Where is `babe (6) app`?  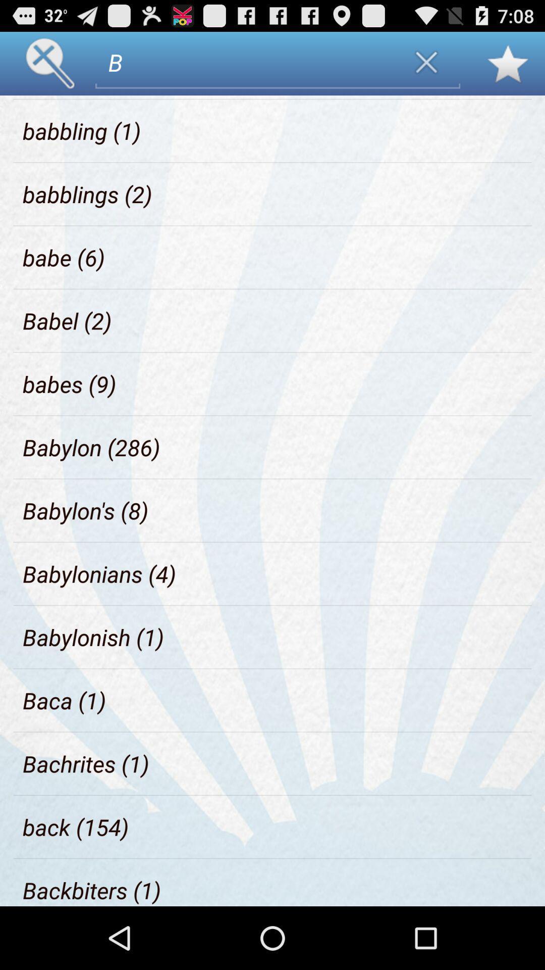 babe (6) app is located at coordinates (64, 257).